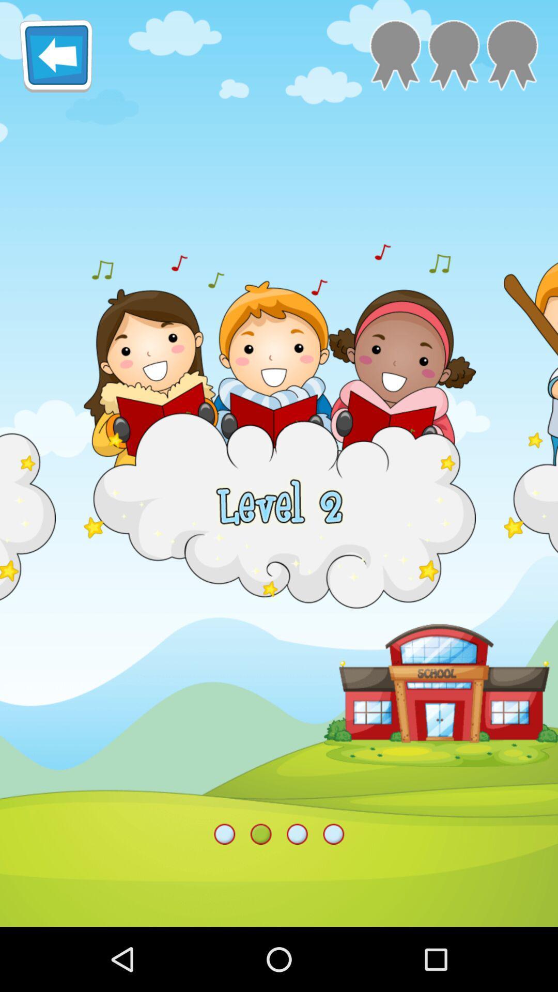 Image resolution: width=558 pixels, height=992 pixels. I want to click on earn a star, so click(512, 55).